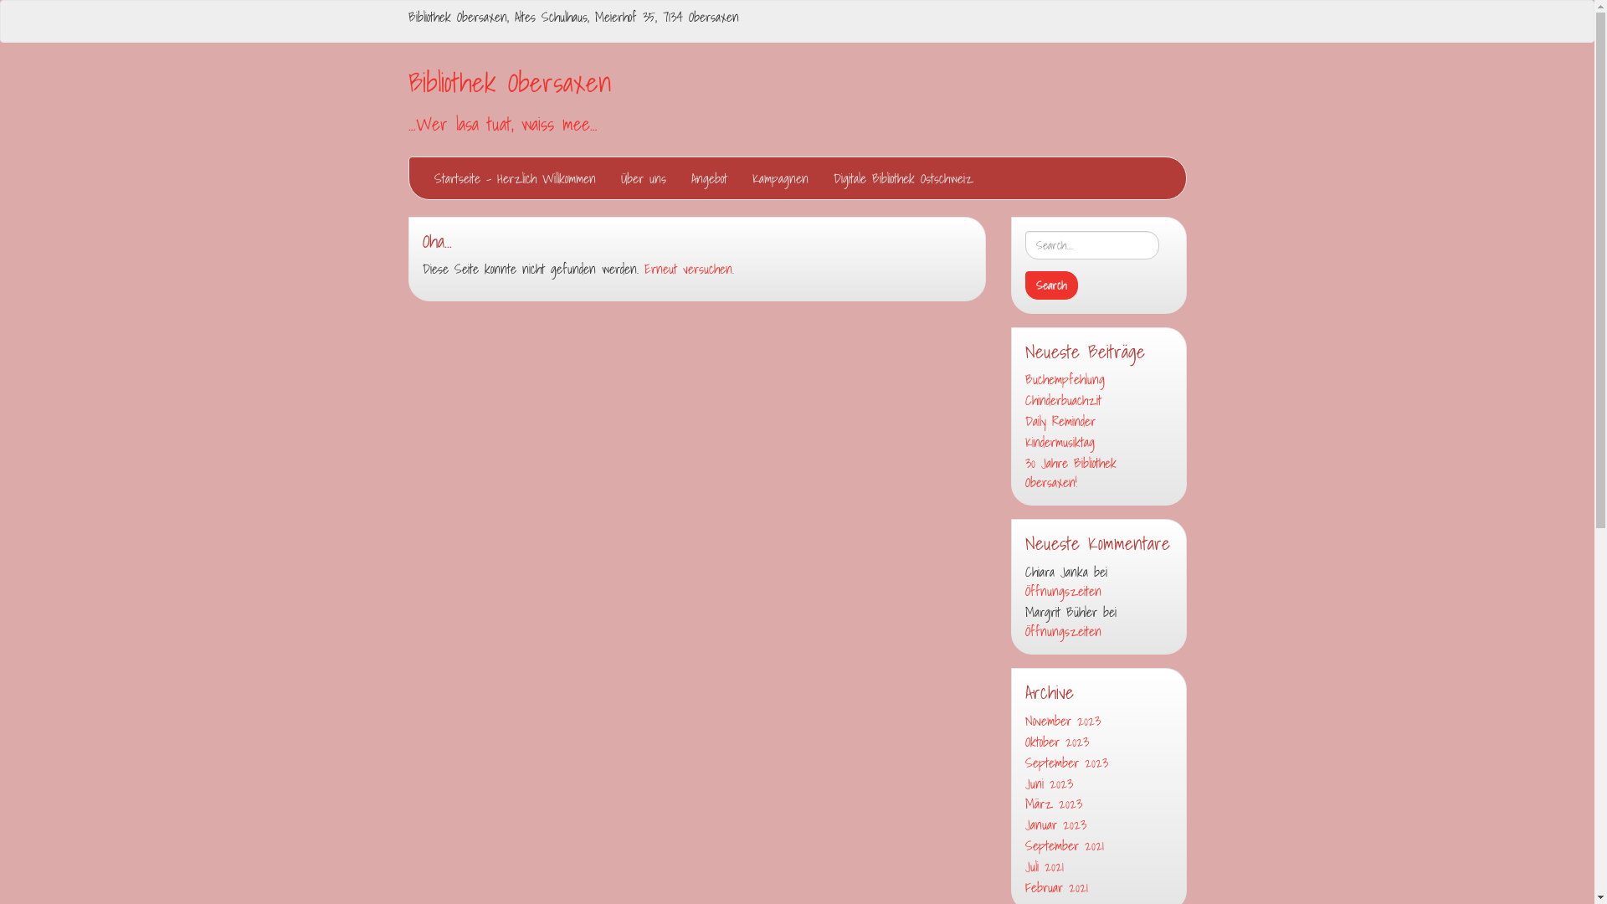 Image resolution: width=1607 pixels, height=904 pixels. Describe the element at coordinates (1097, 741) in the screenshot. I see `'Oktober 2023'` at that location.